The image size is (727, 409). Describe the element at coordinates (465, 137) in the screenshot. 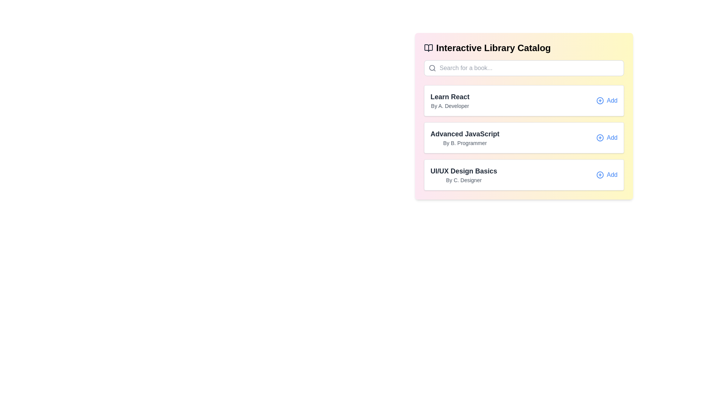

I see `the text content displaying information about the book 'Advanced JavaScript' by 'B. Programmer', located in the library catalog interface, which is the second item in a vertical list of book suggestions` at that location.